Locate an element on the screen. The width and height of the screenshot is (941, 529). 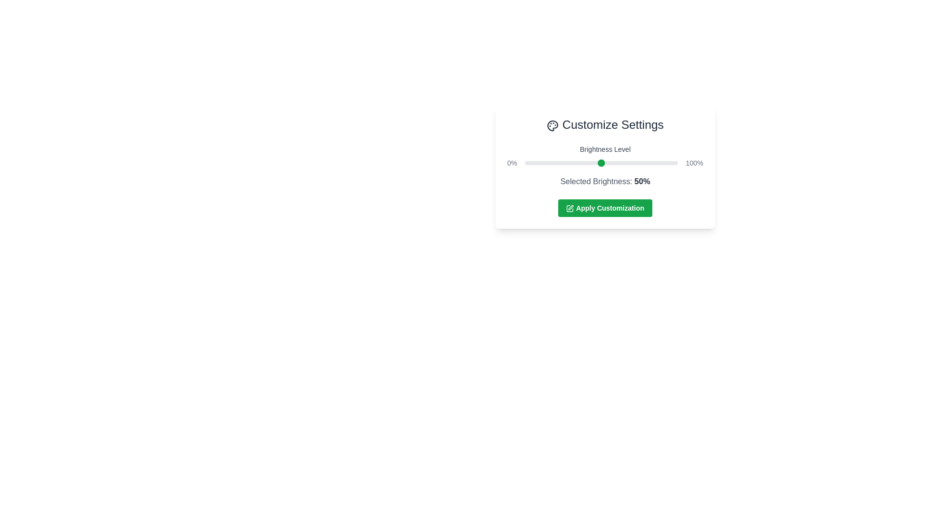
the brightness is located at coordinates (648, 162).